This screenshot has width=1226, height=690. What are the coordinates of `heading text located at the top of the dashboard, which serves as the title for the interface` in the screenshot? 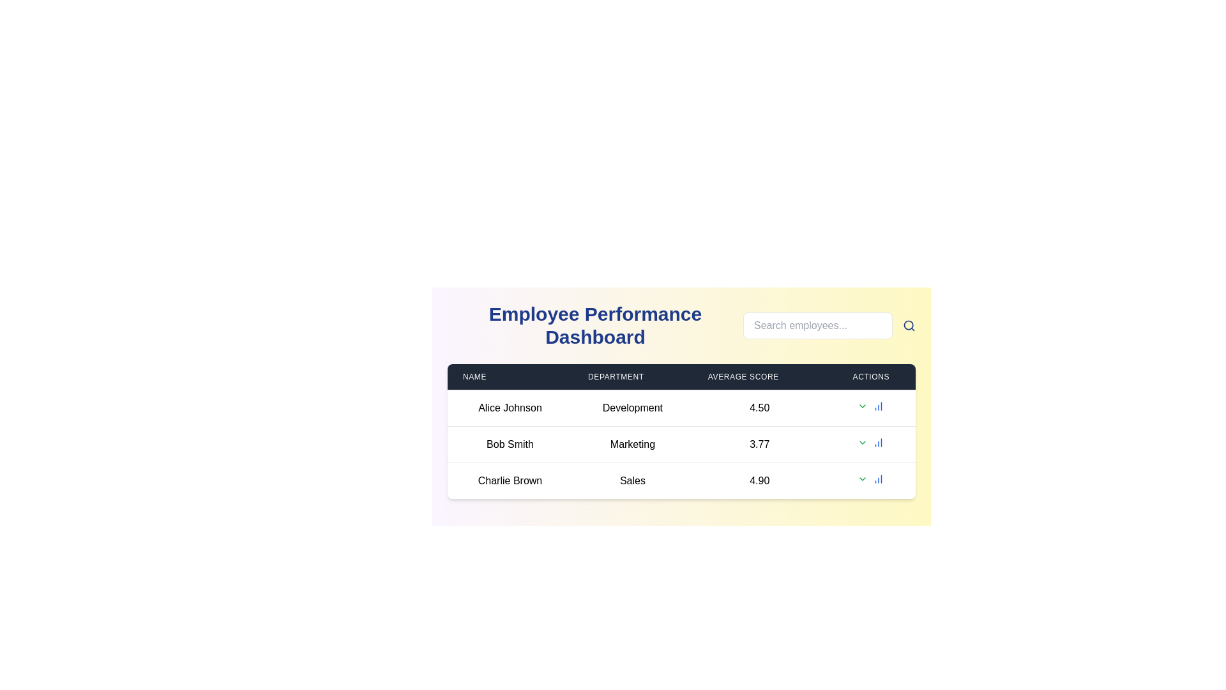 It's located at (594, 325).